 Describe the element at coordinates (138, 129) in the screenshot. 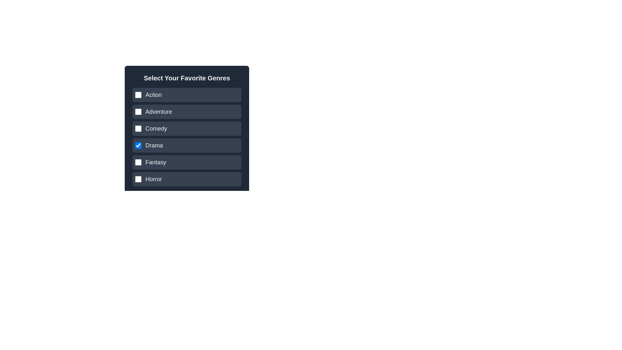

I see `the checkbox with a blue border associated with the label 'Comedy' in the third row of the options list to provide visual feedback` at that location.